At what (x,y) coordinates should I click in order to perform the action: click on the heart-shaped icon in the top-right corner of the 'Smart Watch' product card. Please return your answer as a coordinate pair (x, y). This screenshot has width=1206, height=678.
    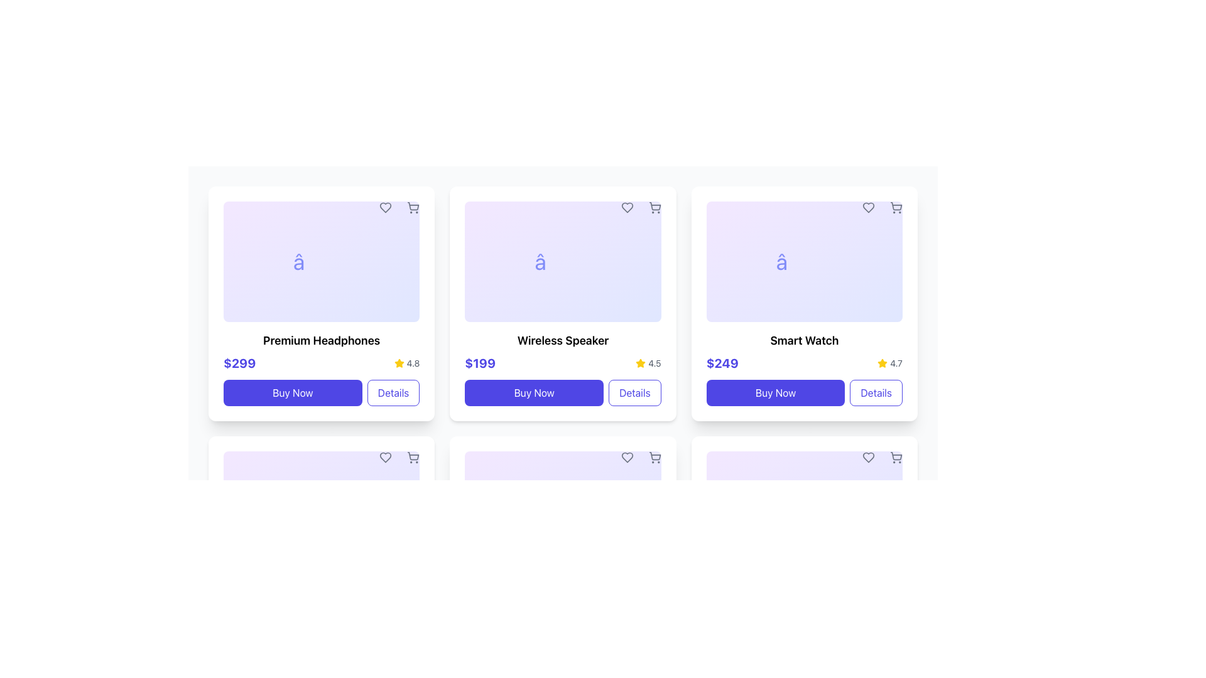
    Looking at the image, I should click on (867, 207).